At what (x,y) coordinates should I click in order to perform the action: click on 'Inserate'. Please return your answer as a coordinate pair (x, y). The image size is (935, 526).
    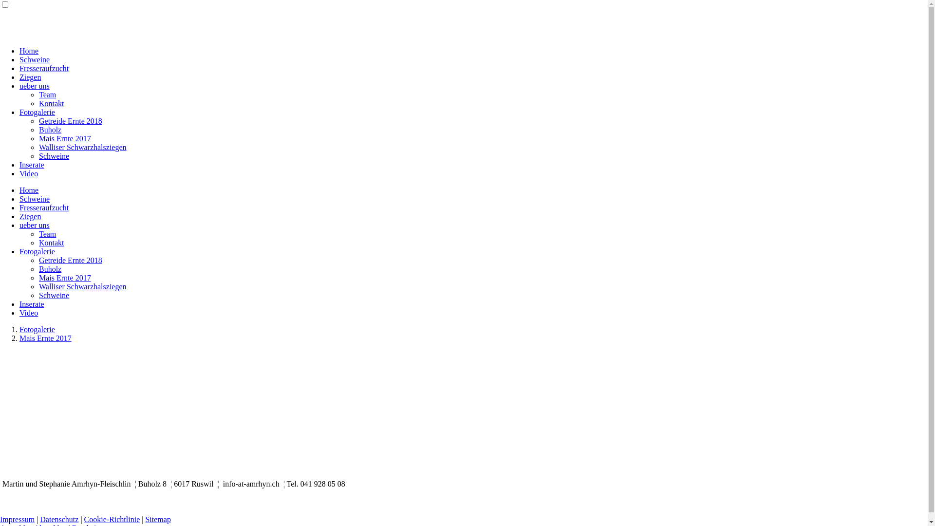
    Looking at the image, I should click on (32, 303).